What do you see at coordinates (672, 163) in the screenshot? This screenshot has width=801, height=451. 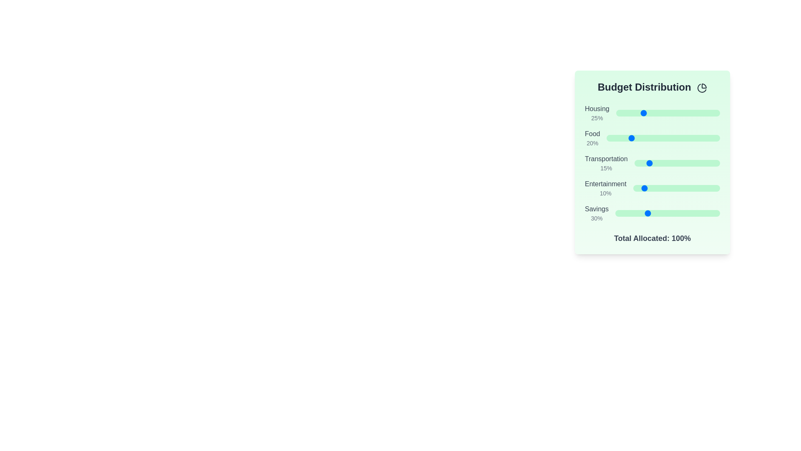 I see `the Transportation slider to 44%` at bounding box center [672, 163].